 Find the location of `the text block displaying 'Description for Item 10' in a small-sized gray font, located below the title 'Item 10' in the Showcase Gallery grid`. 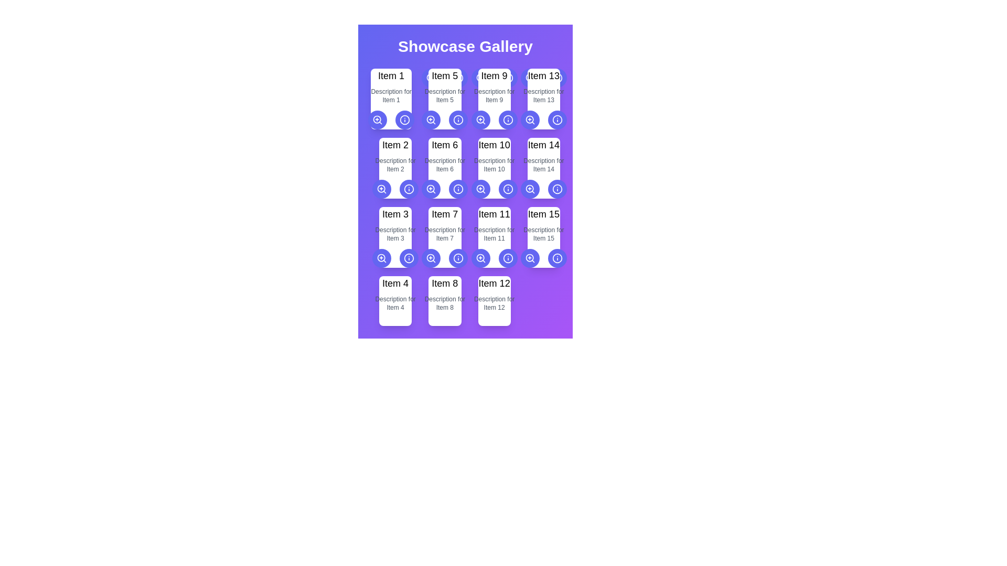

the text block displaying 'Description for Item 10' in a small-sized gray font, located below the title 'Item 10' in the Showcase Gallery grid is located at coordinates (494, 165).